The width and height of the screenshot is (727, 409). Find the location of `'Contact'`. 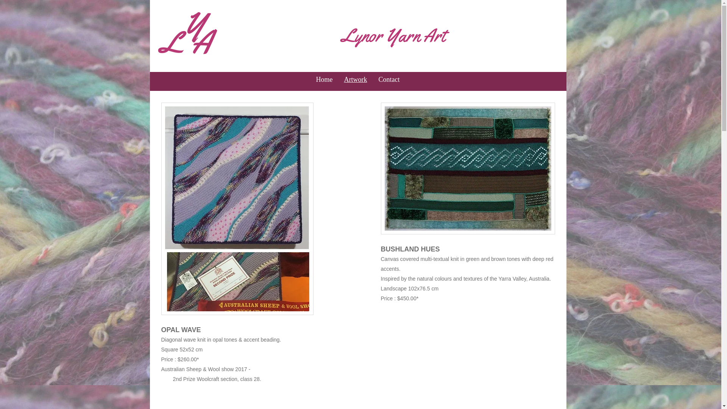

'Contact' is located at coordinates (372, 79).